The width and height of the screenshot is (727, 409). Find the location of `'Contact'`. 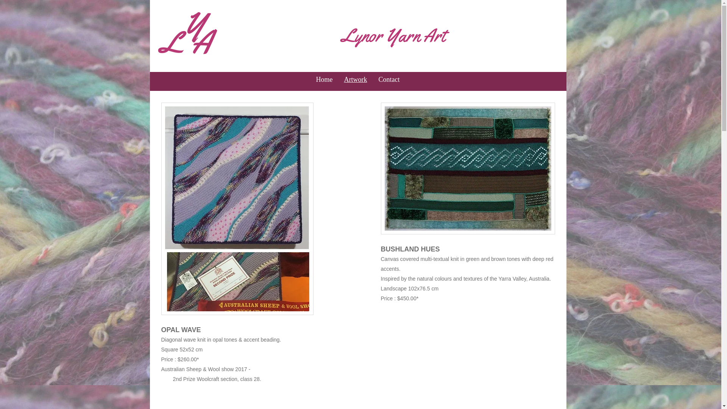

'Contact' is located at coordinates (372, 79).